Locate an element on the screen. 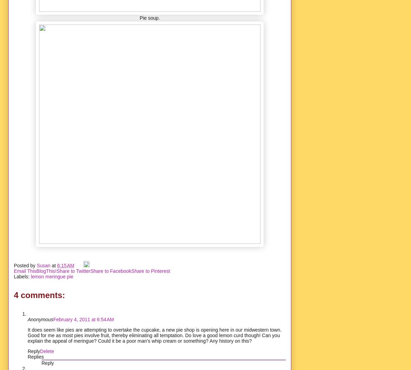 The height and width of the screenshot is (370, 411). 'February 4, 2011 at 6:54 AM' is located at coordinates (83, 318).